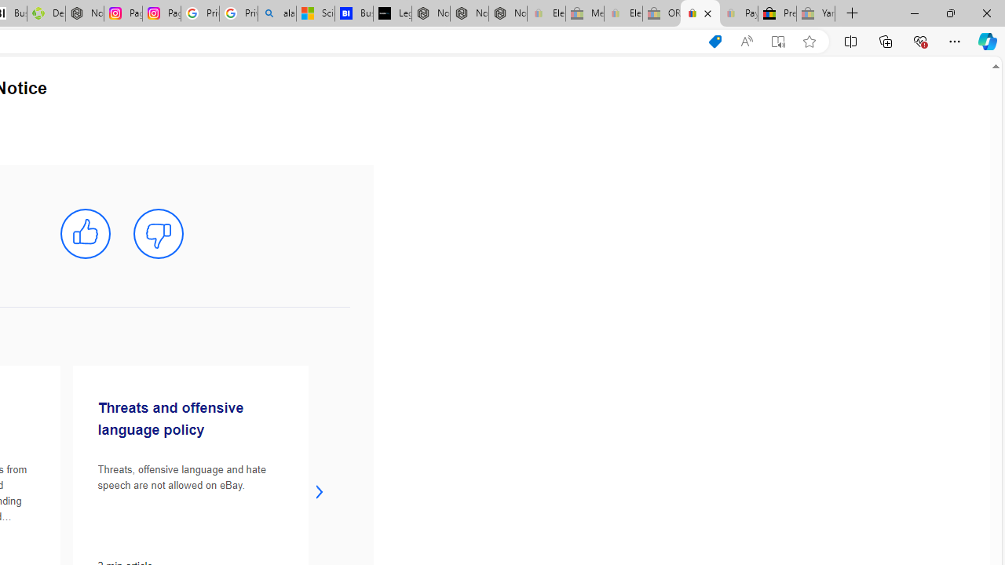 The width and height of the screenshot is (1005, 565). What do you see at coordinates (700, 13) in the screenshot?
I see `'User Privacy Notice | eBay'` at bounding box center [700, 13].